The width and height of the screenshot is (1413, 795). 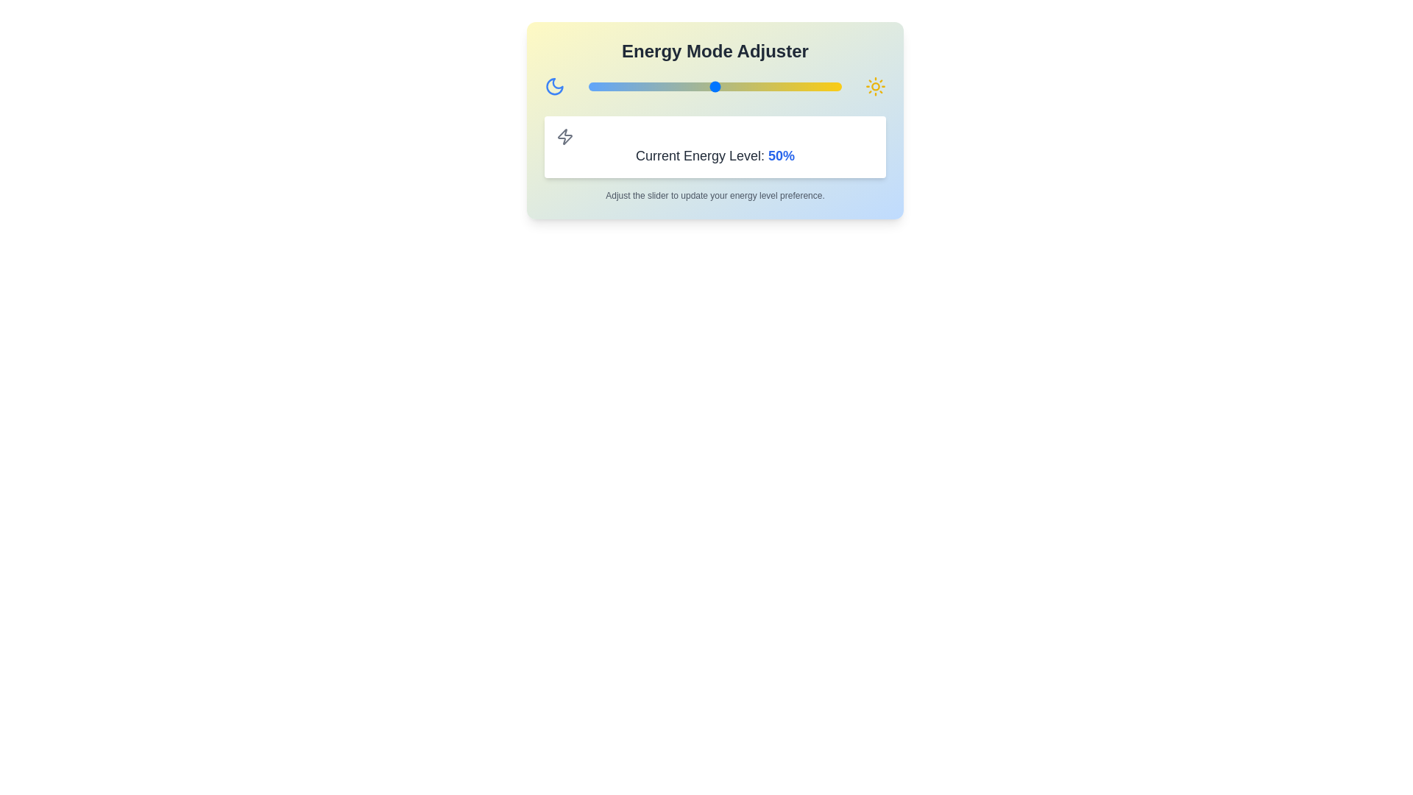 I want to click on the slider to set the energy level to 36%, so click(x=679, y=87).